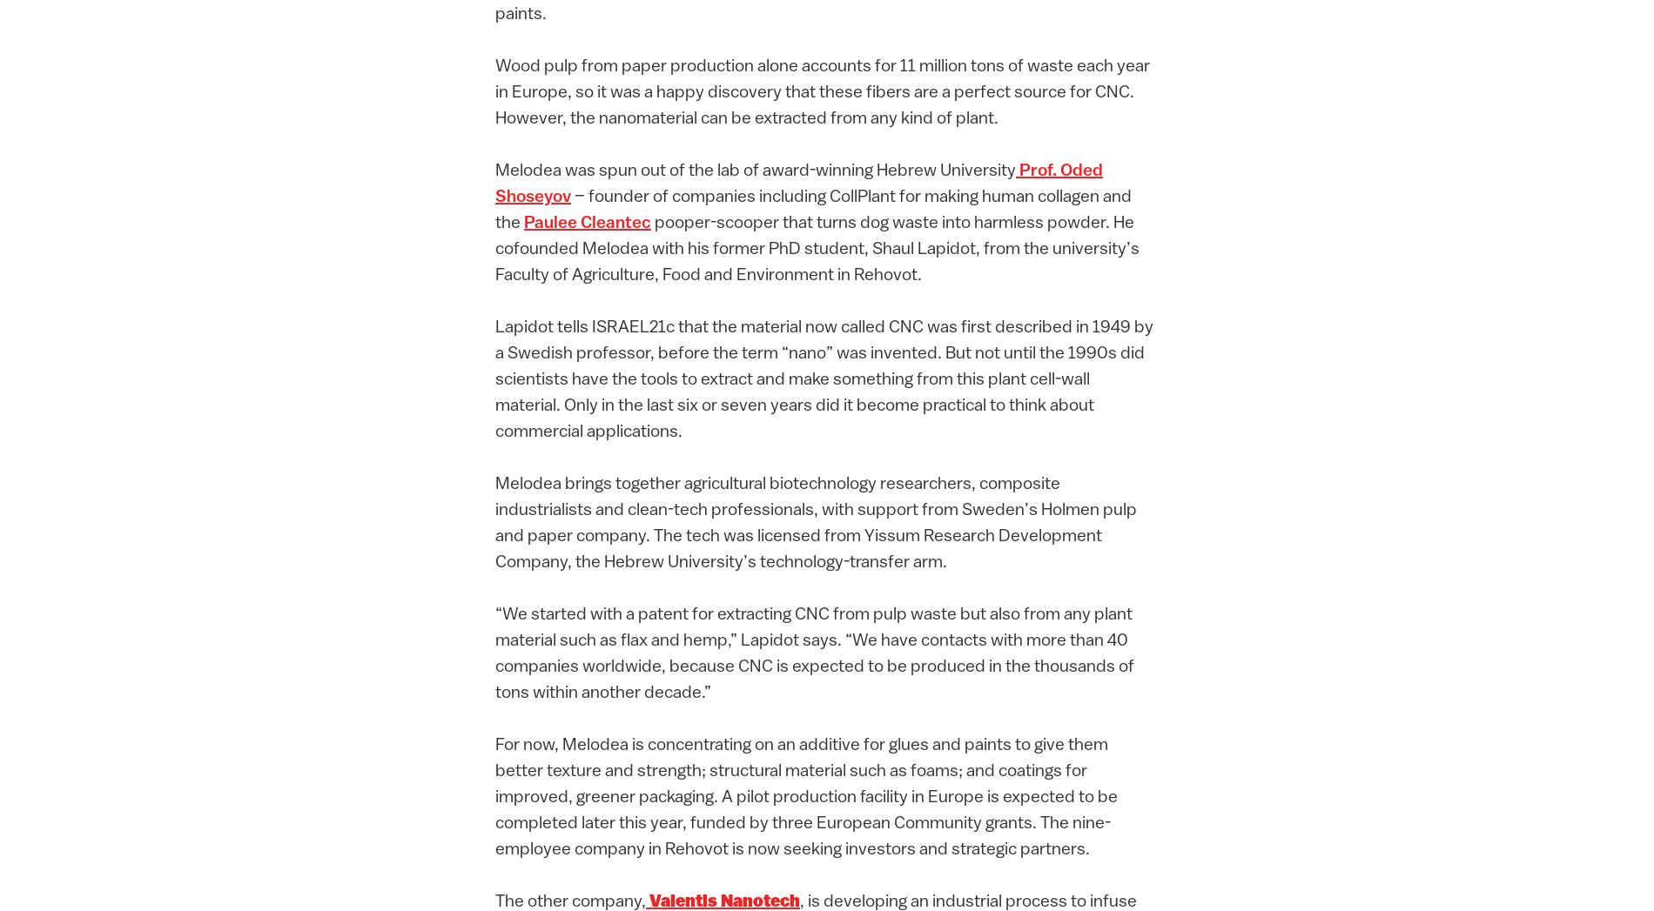  I want to click on 'Lapidot tells ISRAEL21c that the material now called CNC was first described in 1949 by a Swedish professor, before the term “nano” was invented. But not until the 1990s did scientists have the tools to extract and make something from this plant cell-wall  material. Only in the last six or seven years did it become practical to think about commercial applications.', so click(823, 380).